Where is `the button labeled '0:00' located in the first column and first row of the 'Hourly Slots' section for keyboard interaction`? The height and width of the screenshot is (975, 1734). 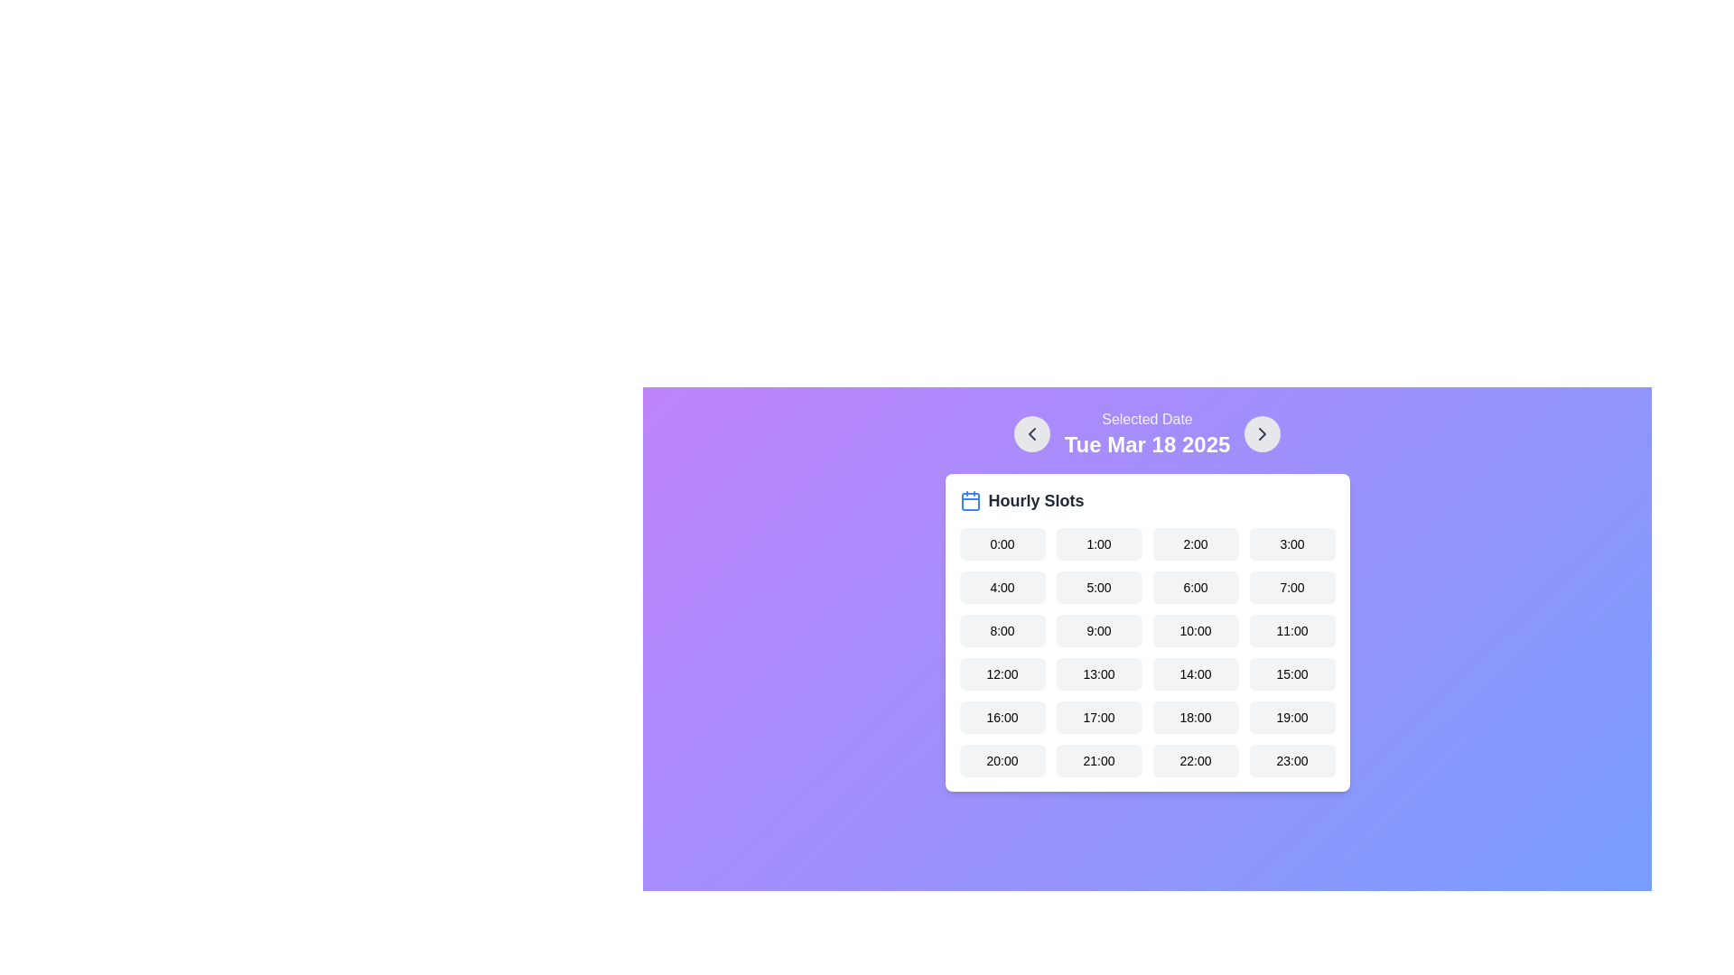
the button labeled '0:00' located in the first column and first row of the 'Hourly Slots' section for keyboard interaction is located at coordinates (1001, 543).